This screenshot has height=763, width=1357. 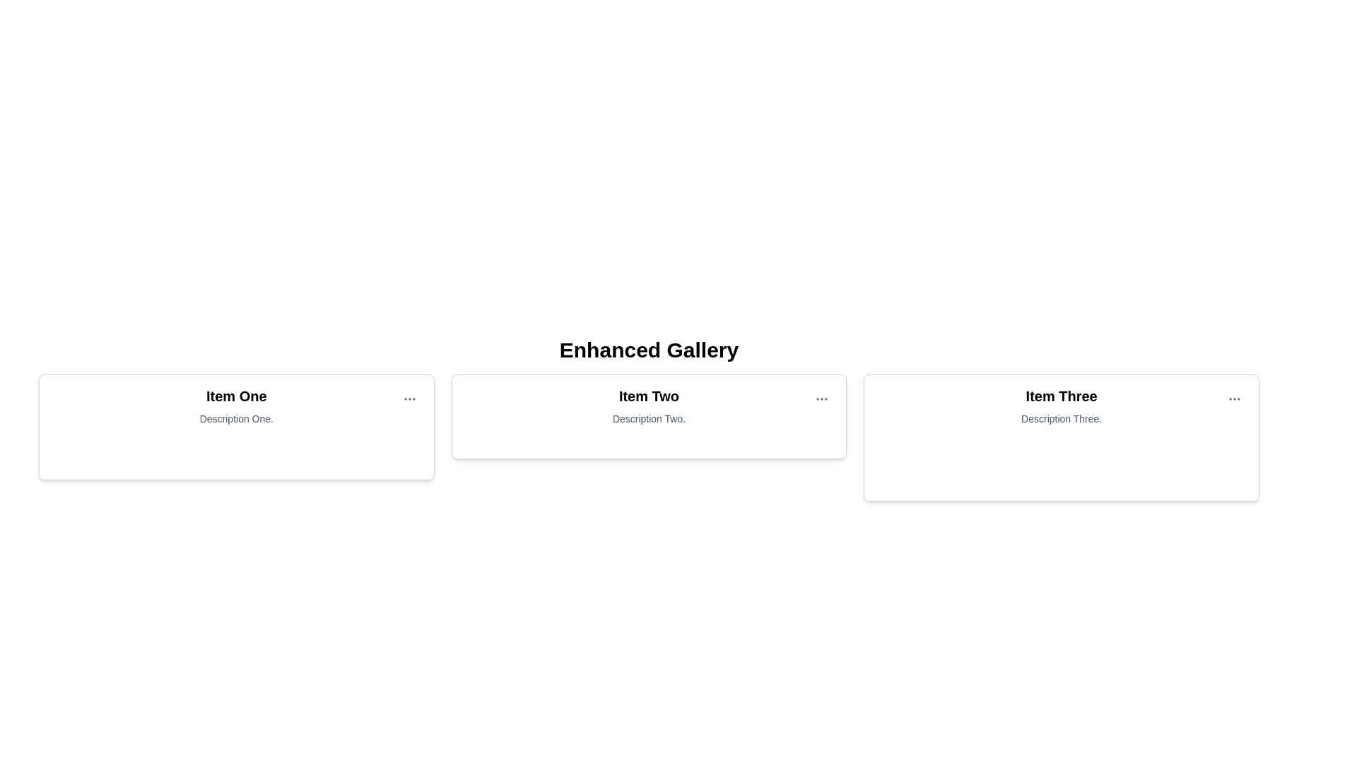 I want to click on the menu trigger button located in the top-right corner of the 'Item Two' card to open the related dropdown or context menu, so click(x=822, y=398).